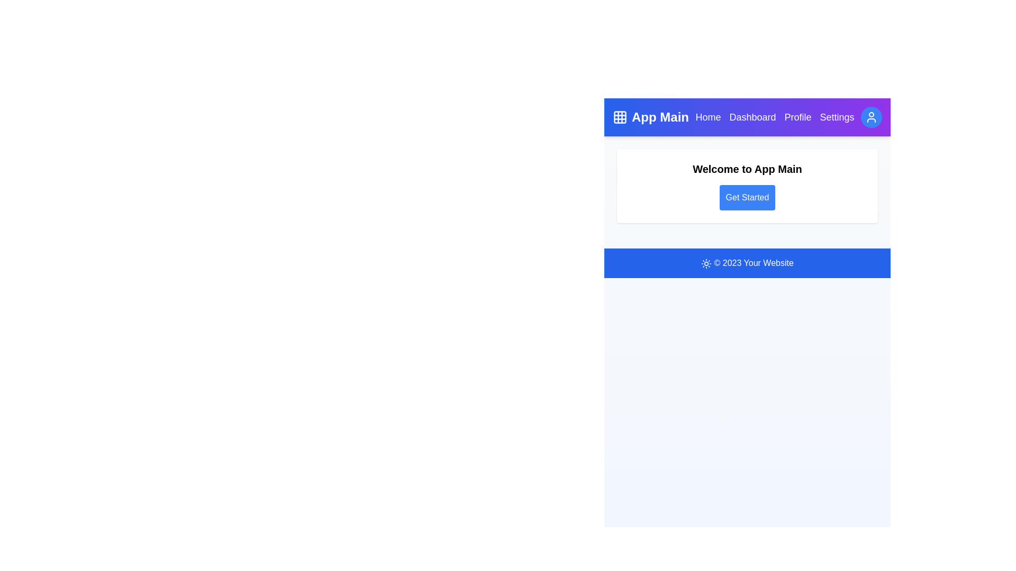  Describe the element at coordinates (747, 198) in the screenshot. I see `the 'Get Started' button` at that location.